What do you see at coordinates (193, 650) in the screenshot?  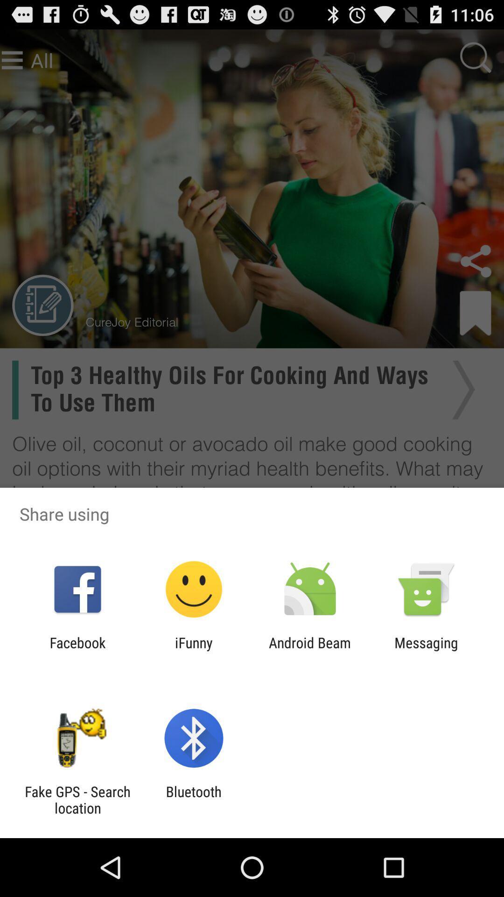 I see `the item next to the android beam app` at bounding box center [193, 650].